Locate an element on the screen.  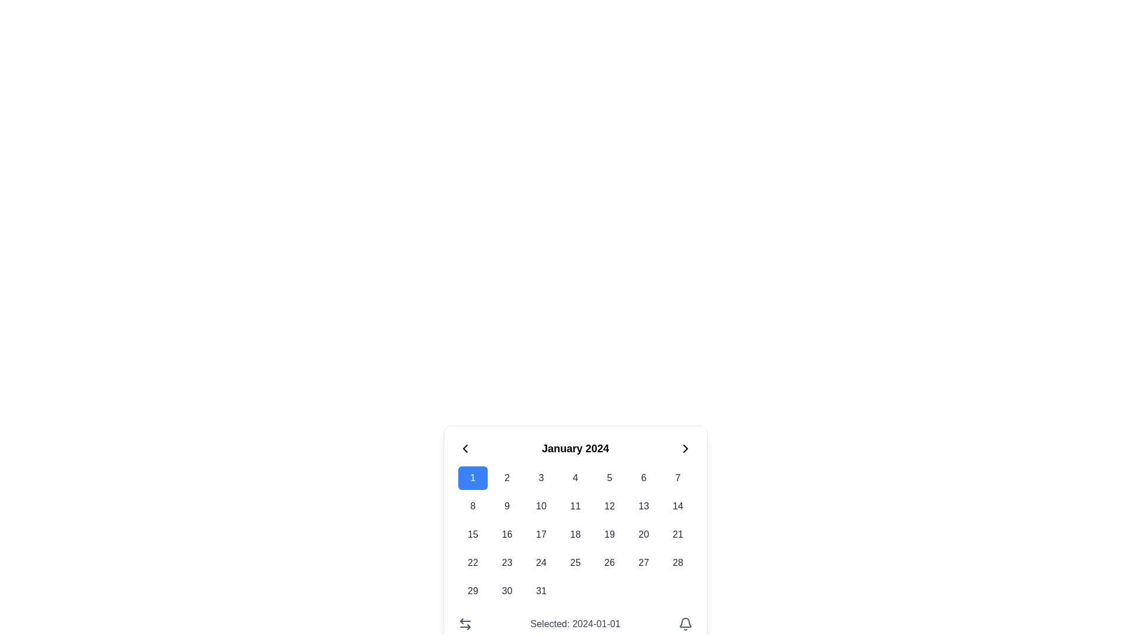
the calendar day button representing the number '18', which has a dark gray text color and a hover effect that changes its background color to gray is located at coordinates (576, 534).